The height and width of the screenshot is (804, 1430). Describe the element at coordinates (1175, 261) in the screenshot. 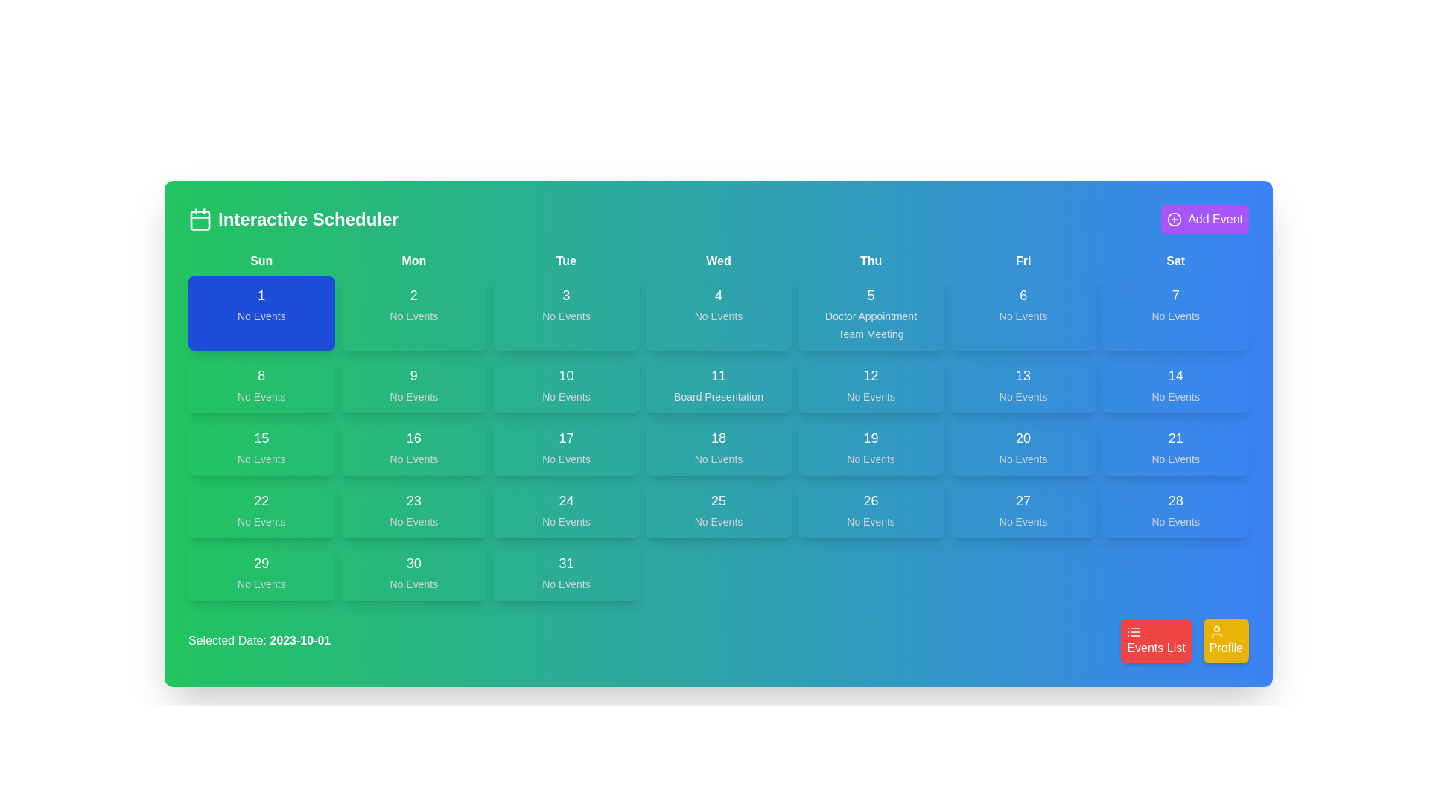

I see `the static text label for the 'Saturday' column in the calendar grid, which is located in the top-right corner and is adjacent to 'Fri'` at that location.